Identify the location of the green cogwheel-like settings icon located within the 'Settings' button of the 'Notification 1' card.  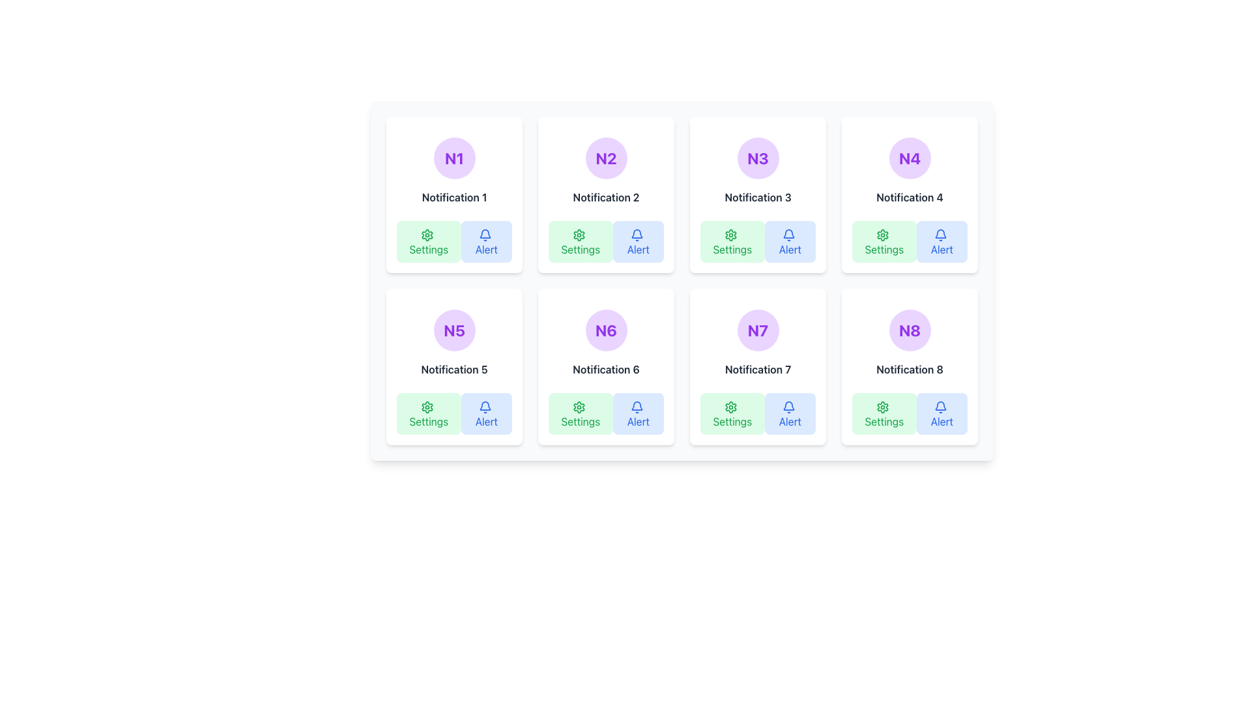
(427, 235).